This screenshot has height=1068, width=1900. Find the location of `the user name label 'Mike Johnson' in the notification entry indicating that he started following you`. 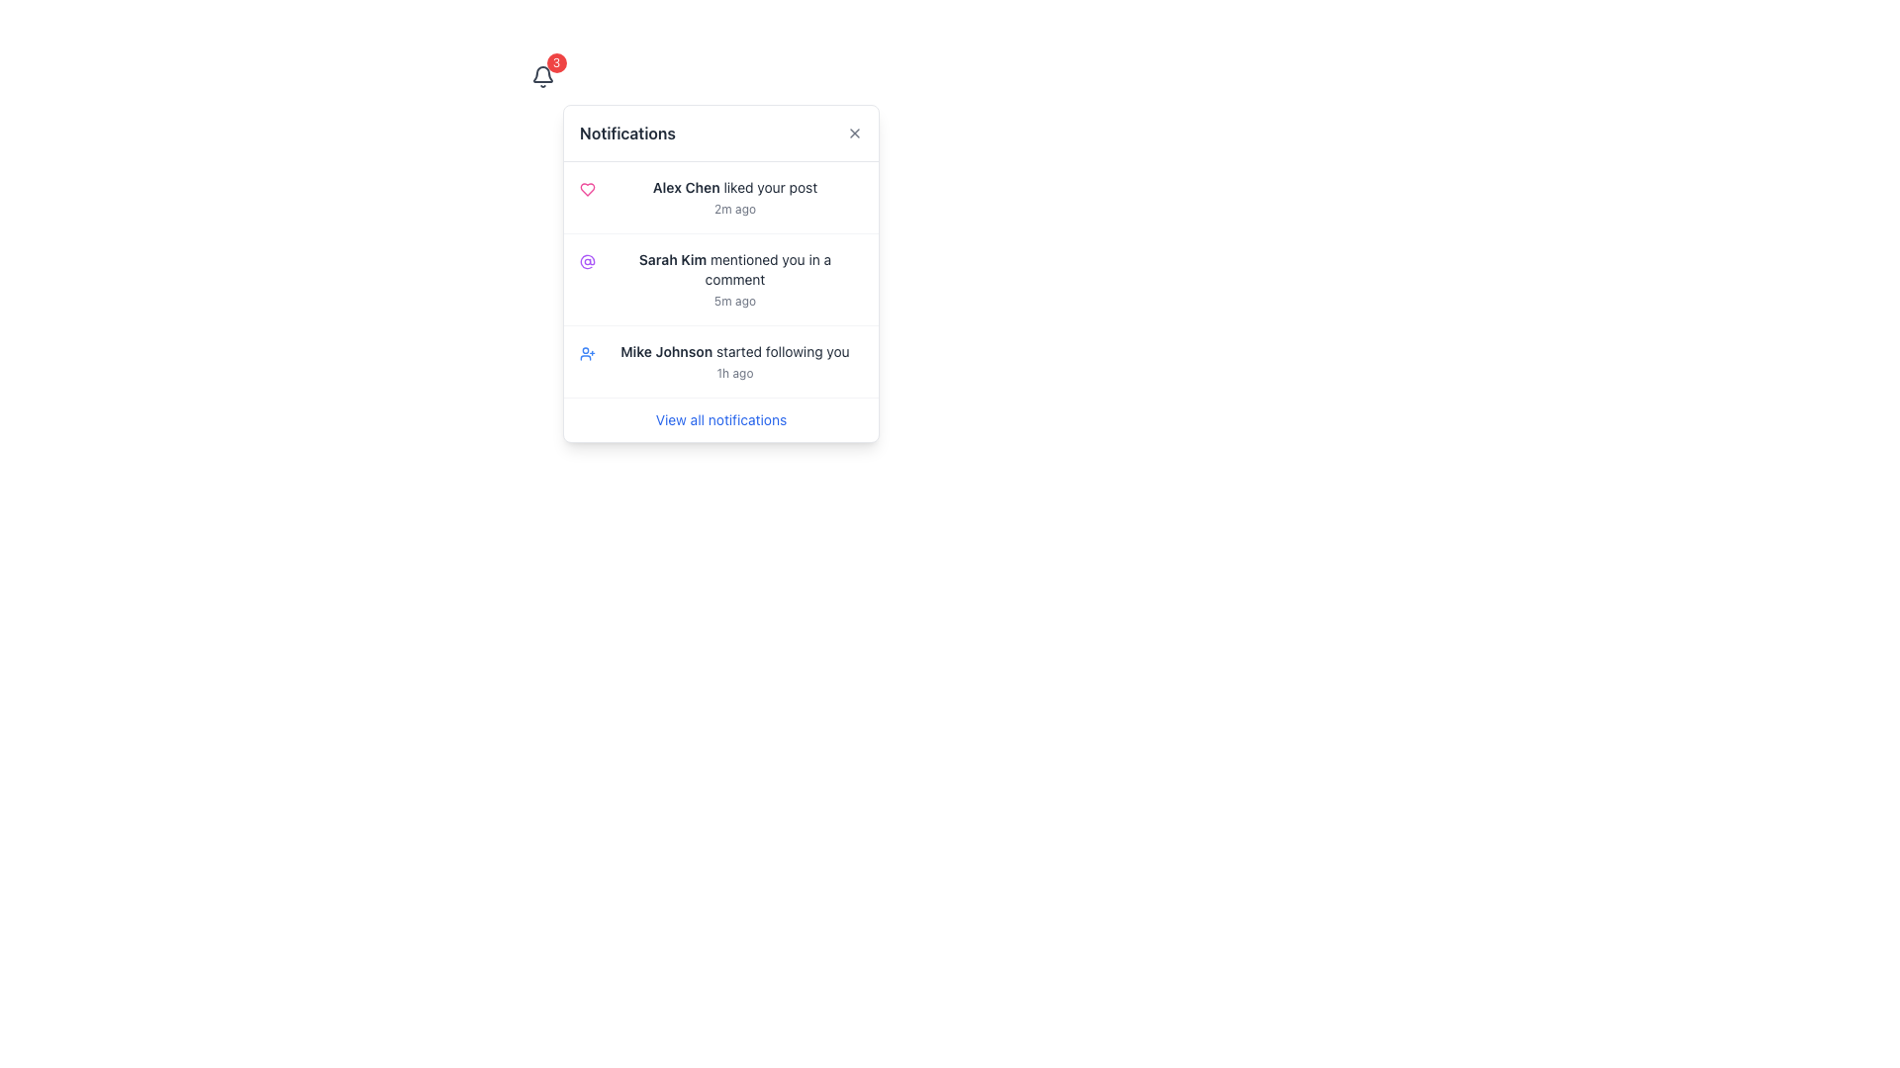

the user name label 'Mike Johnson' in the notification entry indicating that he started following you is located at coordinates (666, 350).